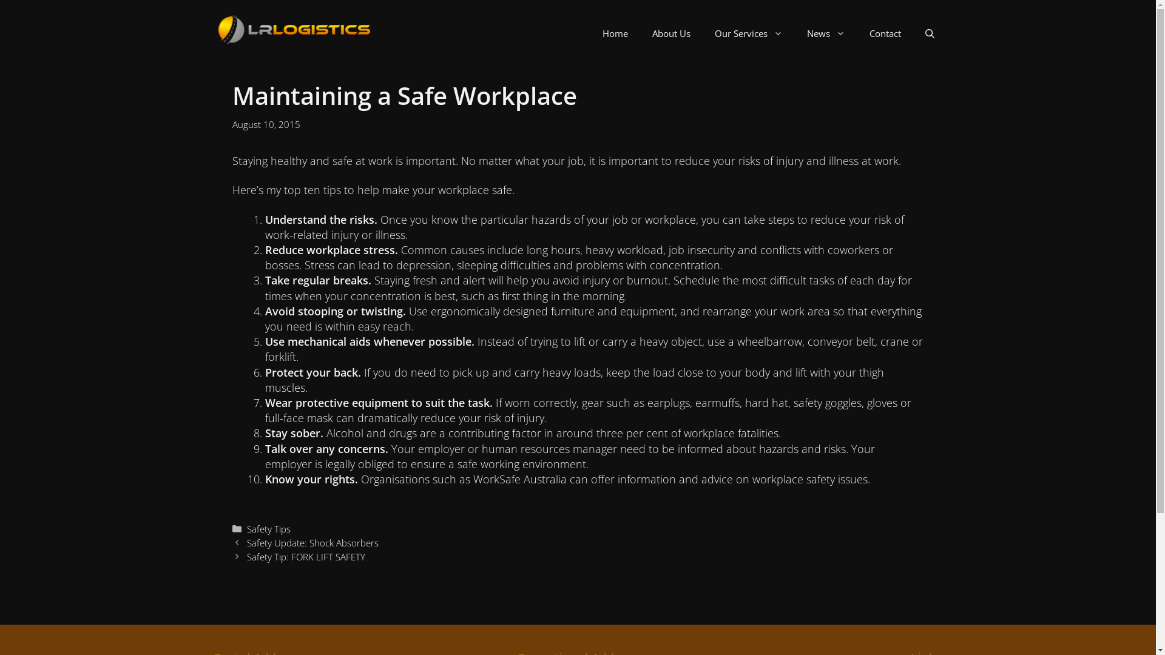  Describe the element at coordinates (246, 557) in the screenshot. I see `'Safety Tip: FORK LIFT SAFETY'` at that location.